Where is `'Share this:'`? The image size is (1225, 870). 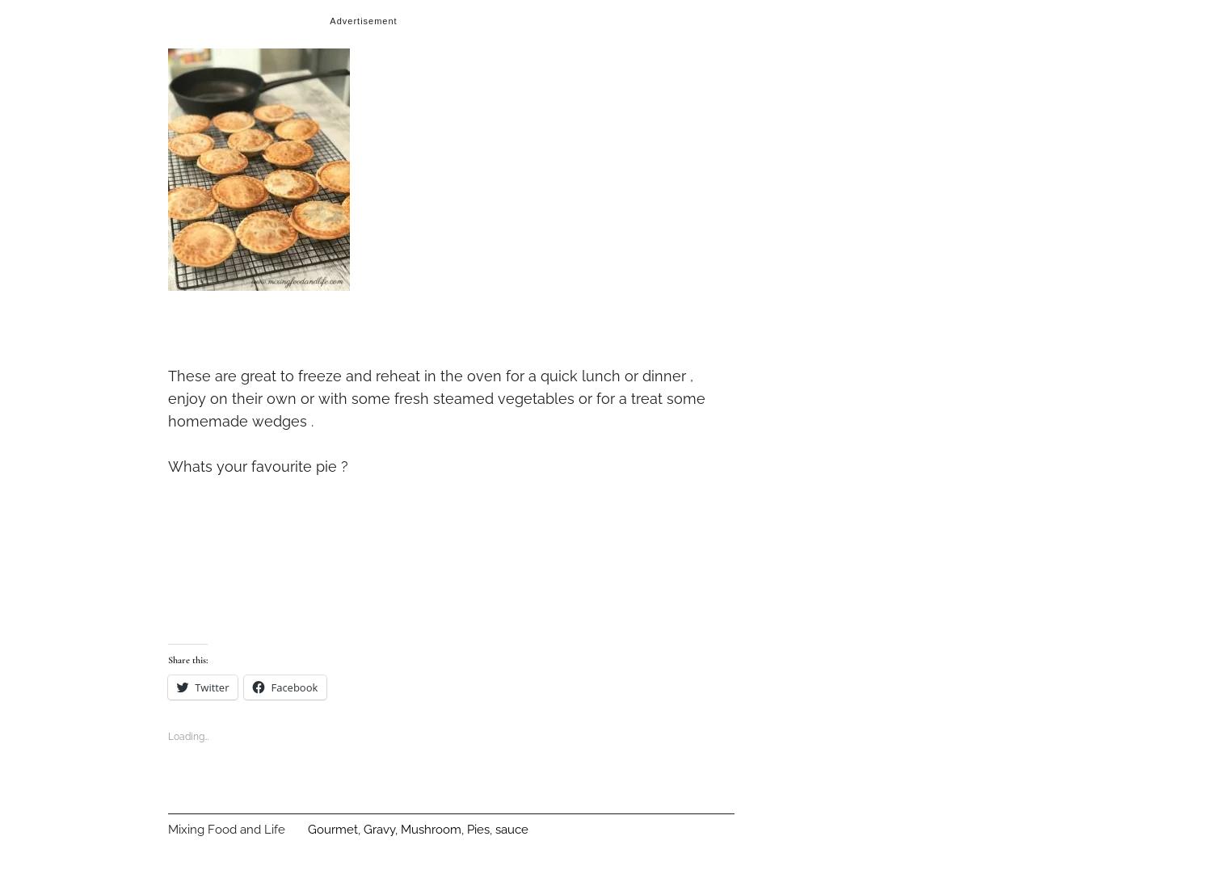
'Share this:' is located at coordinates (187, 659).